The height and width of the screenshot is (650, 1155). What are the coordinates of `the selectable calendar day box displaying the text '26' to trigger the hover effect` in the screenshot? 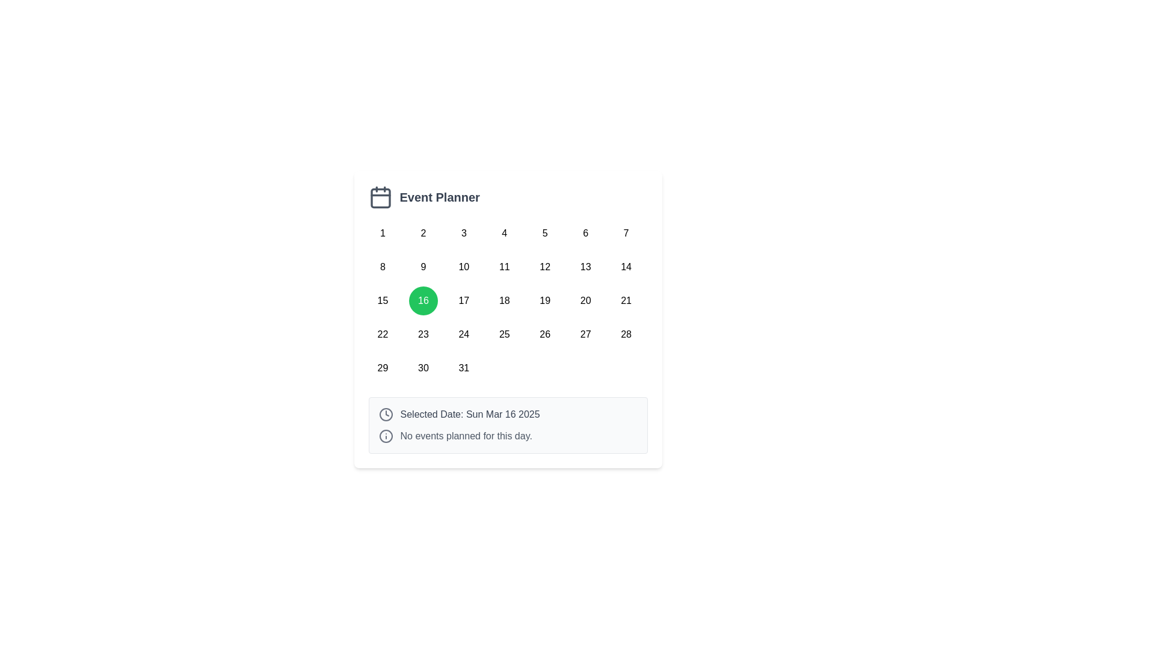 It's located at (544, 334).